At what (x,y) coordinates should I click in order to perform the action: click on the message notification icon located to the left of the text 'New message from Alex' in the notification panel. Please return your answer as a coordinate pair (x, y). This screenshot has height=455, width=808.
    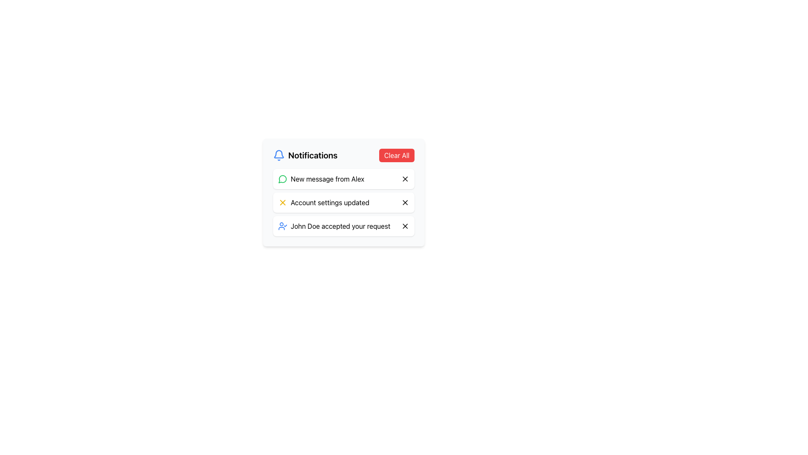
    Looking at the image, I should click on (282, 179).